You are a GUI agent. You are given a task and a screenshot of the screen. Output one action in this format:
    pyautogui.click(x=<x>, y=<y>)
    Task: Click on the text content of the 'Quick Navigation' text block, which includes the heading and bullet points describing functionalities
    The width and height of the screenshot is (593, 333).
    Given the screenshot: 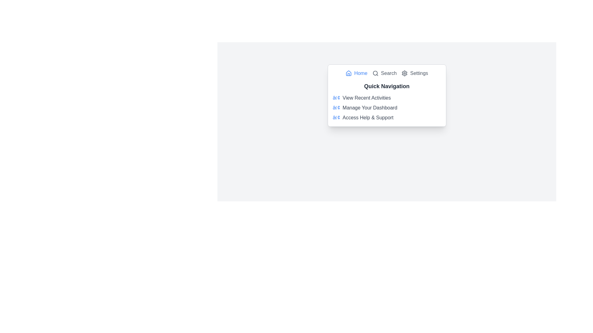 What is the action you would take?
    pyautogui.click(x=386, y=101)
    